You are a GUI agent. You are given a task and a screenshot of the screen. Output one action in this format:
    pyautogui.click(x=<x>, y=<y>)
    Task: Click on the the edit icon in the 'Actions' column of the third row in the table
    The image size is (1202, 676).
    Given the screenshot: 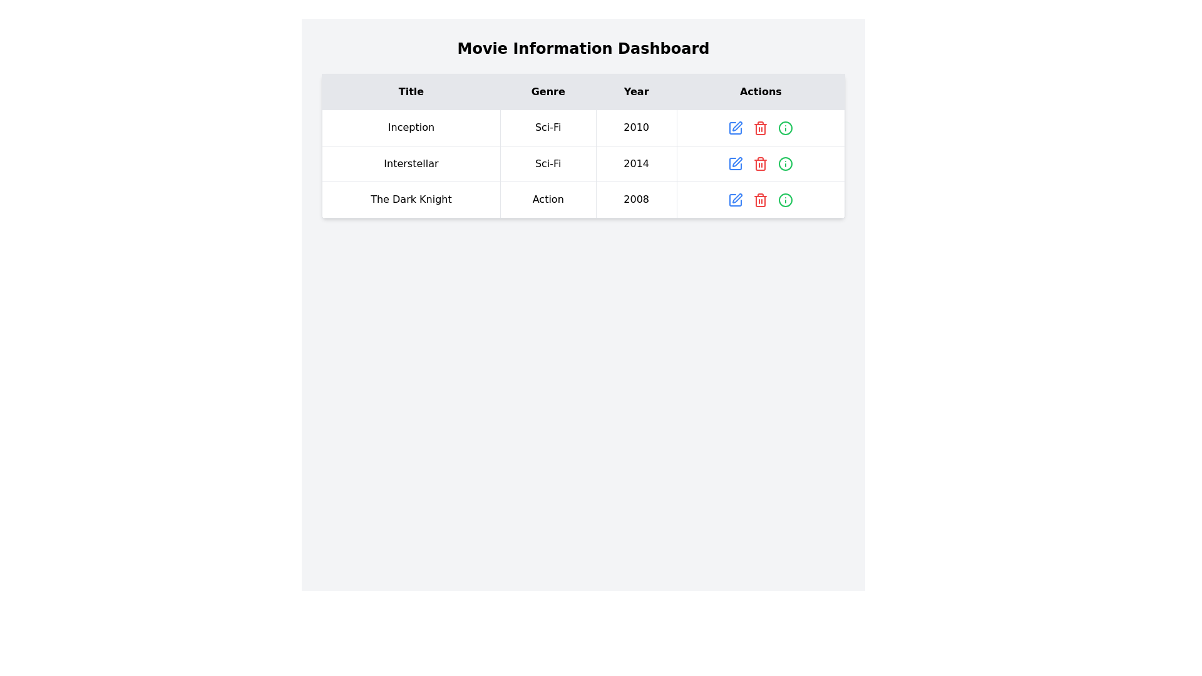 What is the action you would take?
    pyautogui.click(x=737, y=161)
    